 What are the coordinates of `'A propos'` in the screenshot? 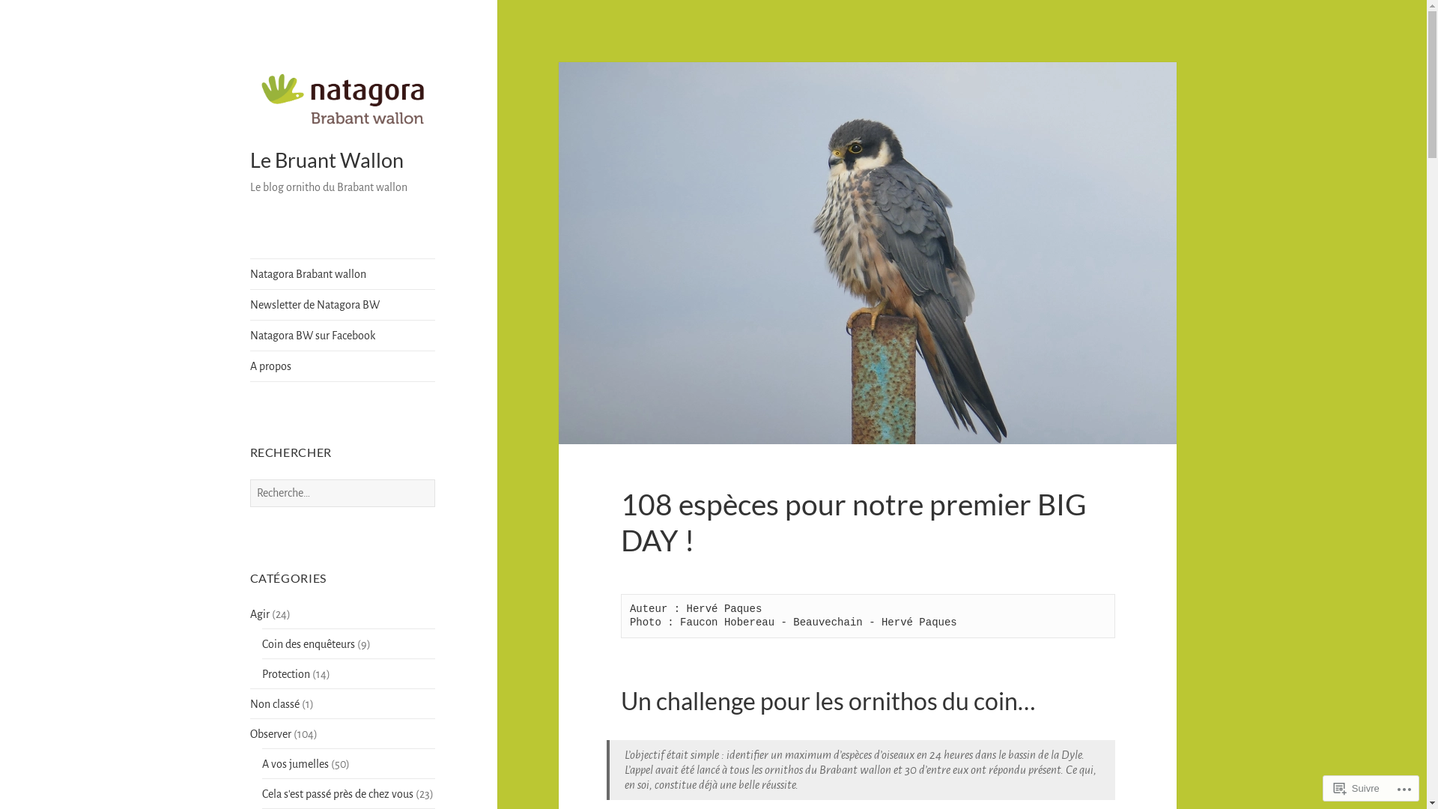 It's located at (342, 366).